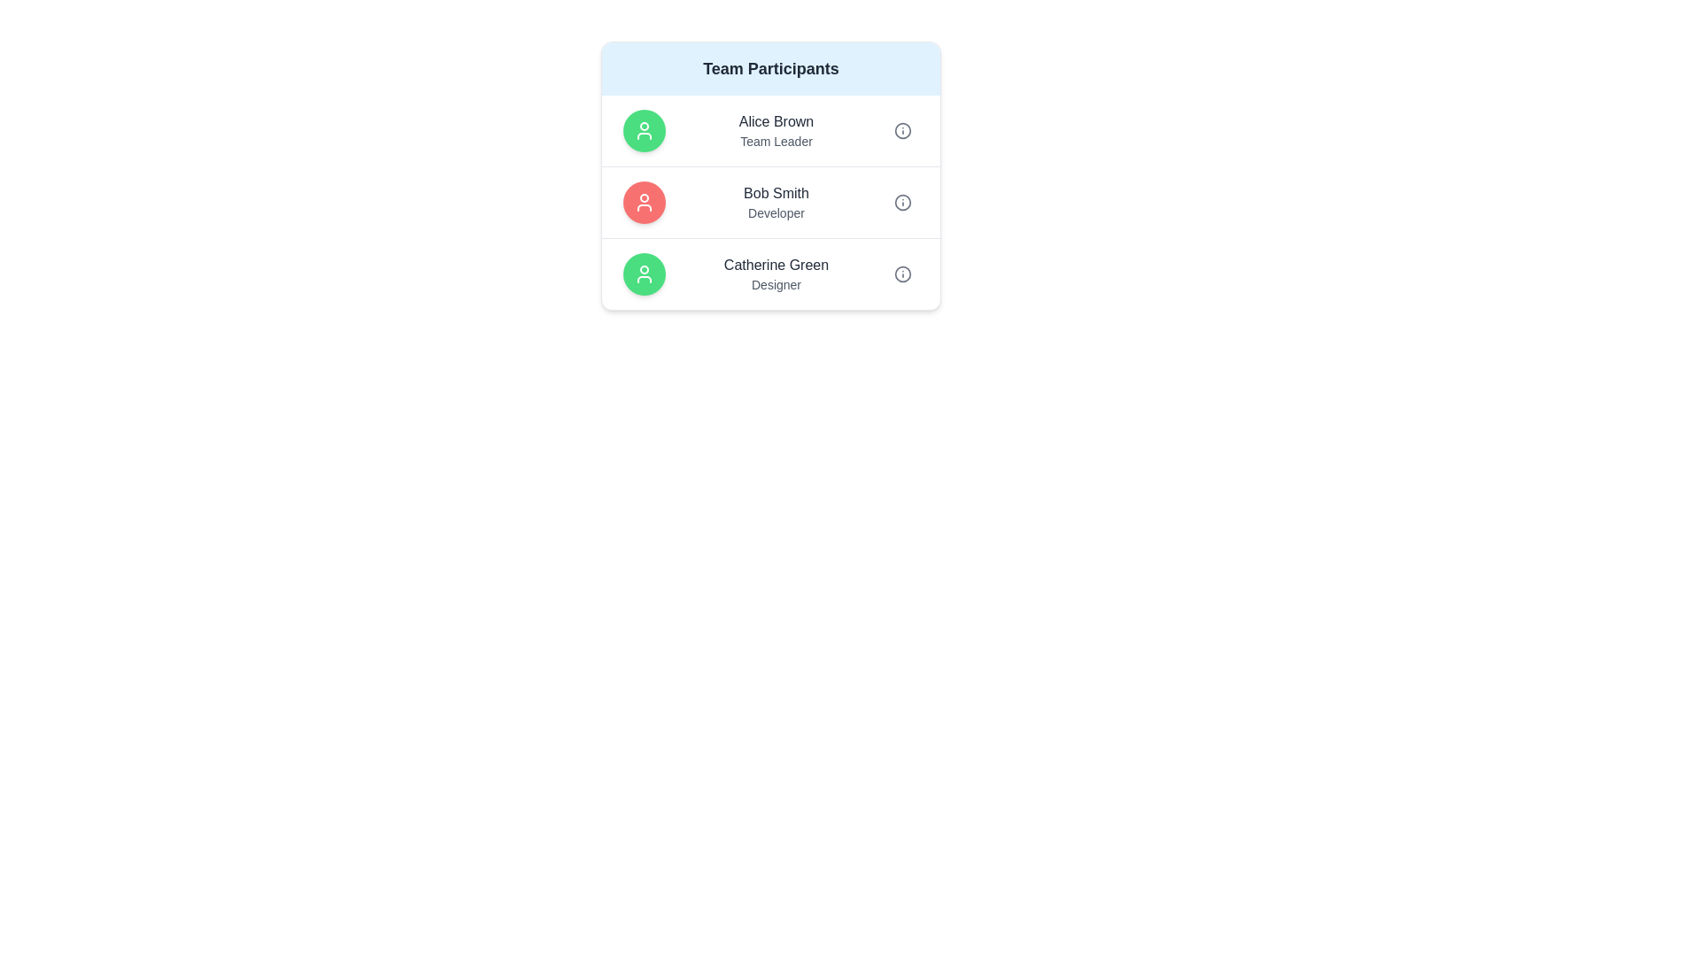  What do you see at coordinates (902, 274) in the screenshot?
I see `the SVG Circle element that serves as the background for the 'Catherine Green - Designer' profile icon` at bounding box center [902, 274].